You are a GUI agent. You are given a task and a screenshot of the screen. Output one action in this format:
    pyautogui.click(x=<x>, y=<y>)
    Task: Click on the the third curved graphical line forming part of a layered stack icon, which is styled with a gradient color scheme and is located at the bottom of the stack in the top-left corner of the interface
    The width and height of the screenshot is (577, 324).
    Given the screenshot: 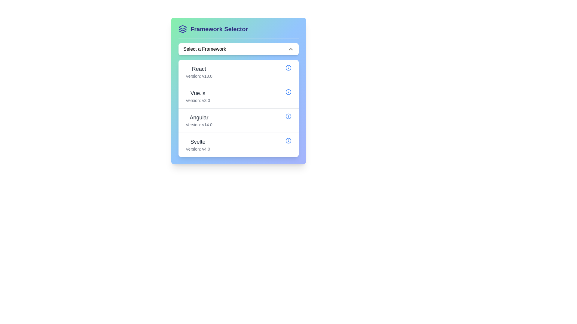 What is the action you would take?
    pyautogui.click(x=182, y=31)
    